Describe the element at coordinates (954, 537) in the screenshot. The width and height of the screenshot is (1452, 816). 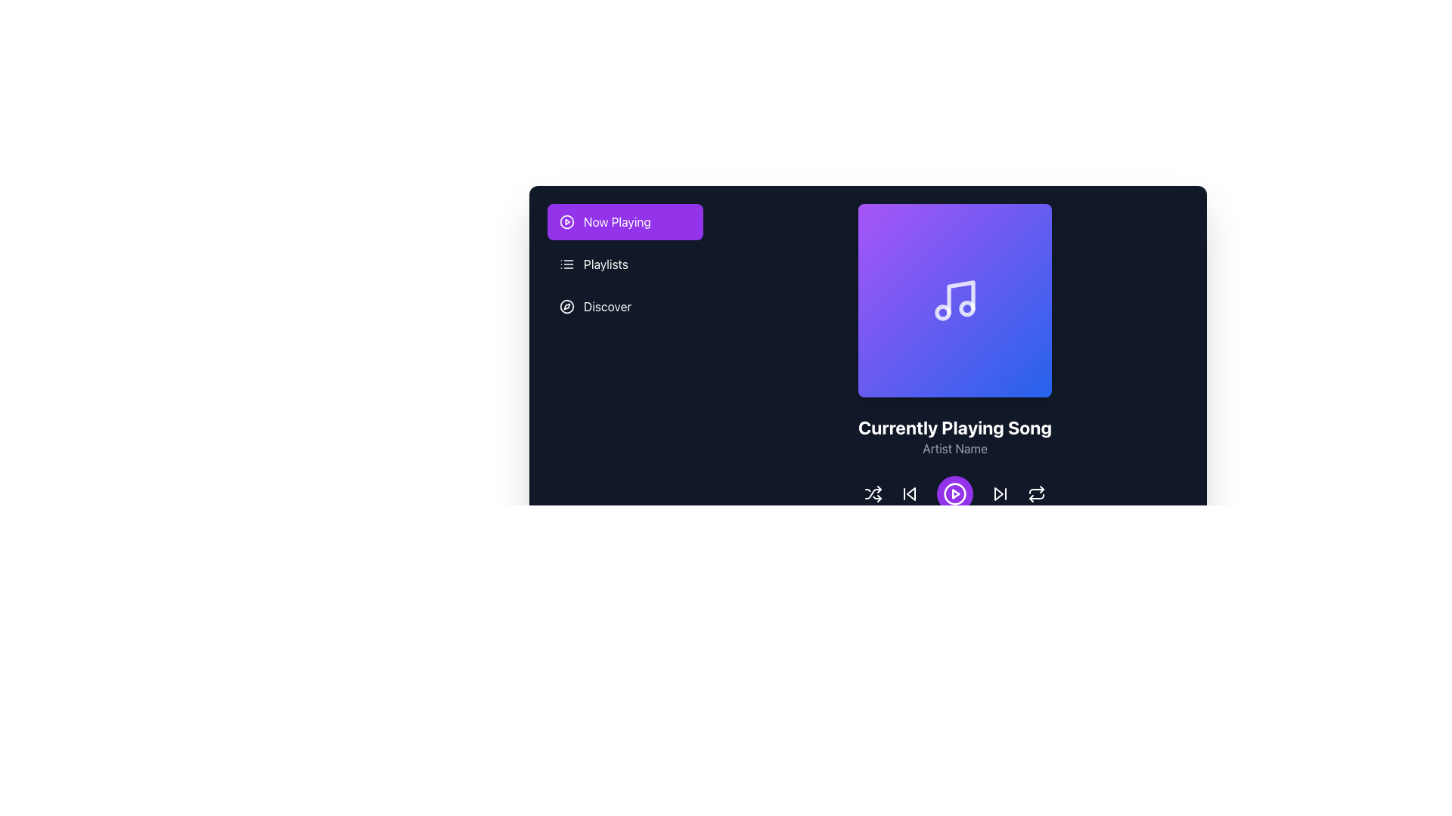
I see `the progress bar located below the media control buttons of the music player interface to adjust the progress` at that location.